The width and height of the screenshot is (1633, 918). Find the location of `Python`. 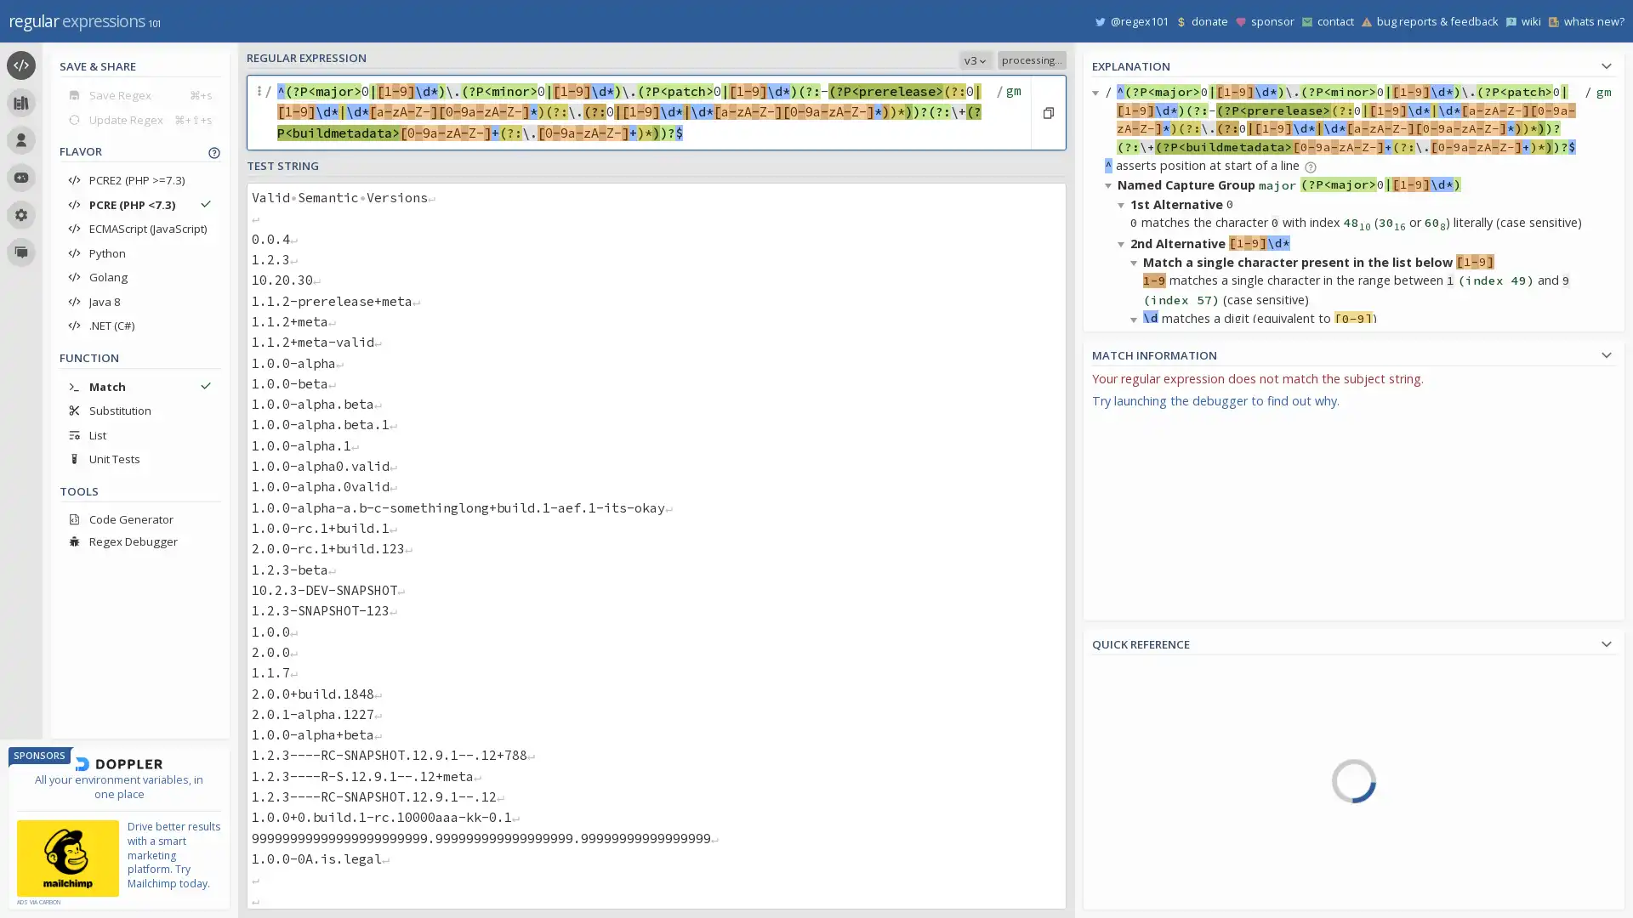

Python is located at coordinates (139, 252).